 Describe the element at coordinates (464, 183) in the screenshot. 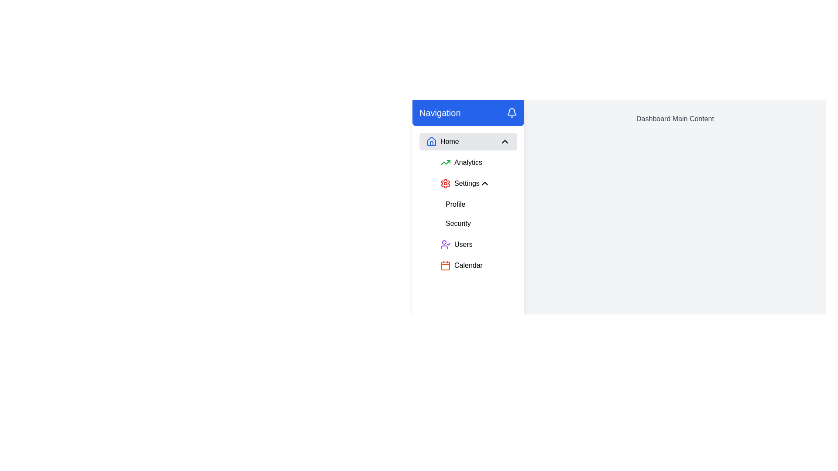

I see `the chevron icon of the second collapsible menu item under 'Navigation'` at that location.